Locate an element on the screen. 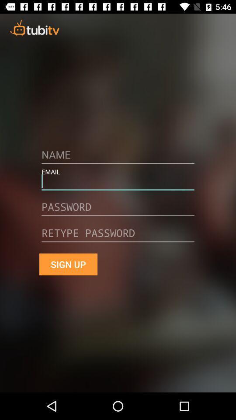 The height and width of the screenshot is (420, 236). and/or edit password is located at coordinates (118, 210).